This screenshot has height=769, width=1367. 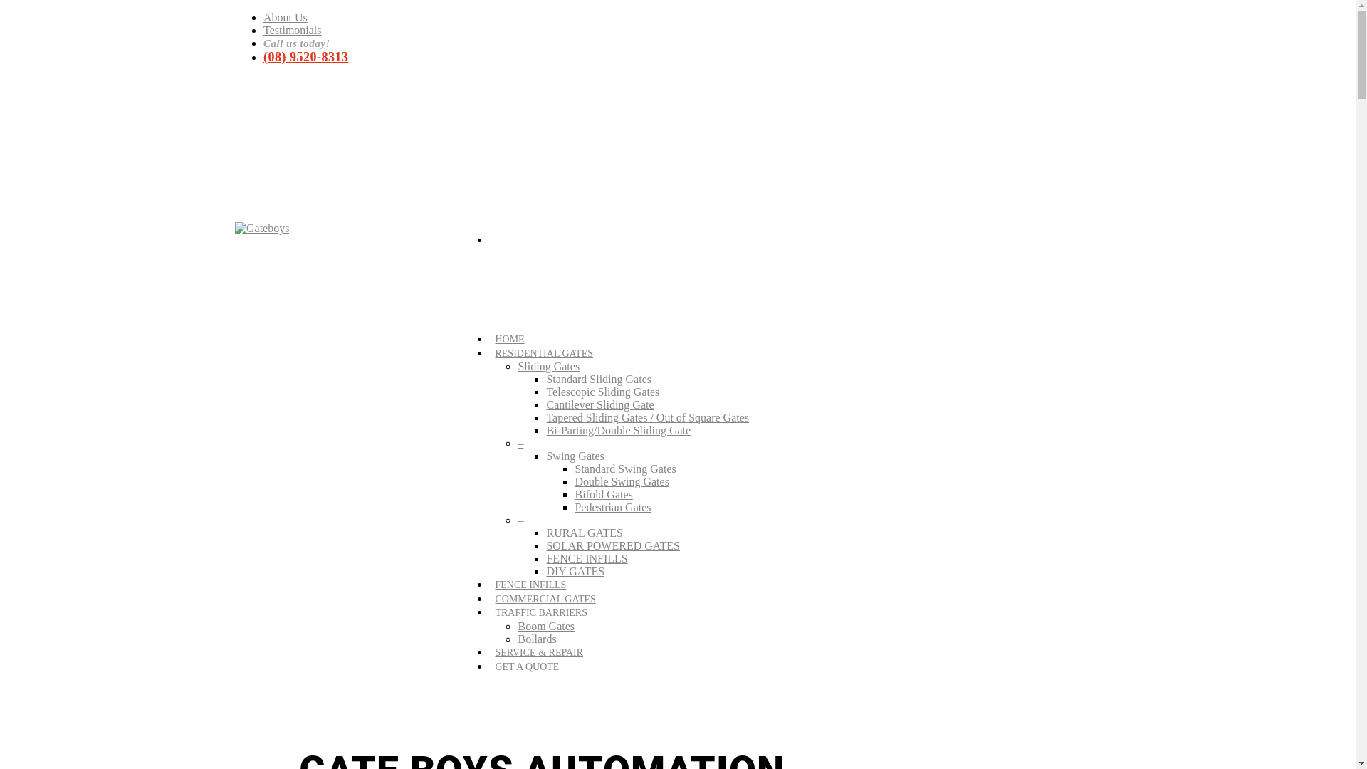 I want to click on 'FENCE INFILLS', so click(x=587, y=558).